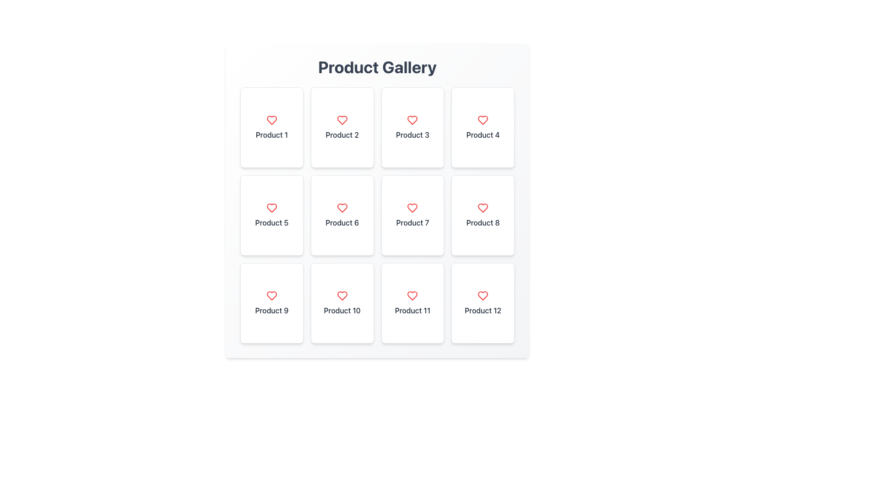 This screenshot has height=494, width=879. What do you see at coordinates (483, 134) in the screenshot?
I see `the 'Product 4' label which is located in the second column of the grid layout, beneath a red heart-shaped icon inside a white card` at bounding box center [483, 134].